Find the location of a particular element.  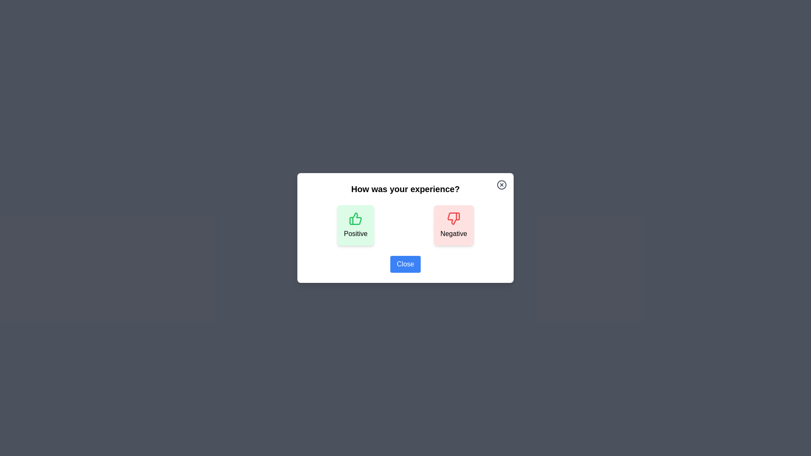

the 'Close' button to dismiss the dialog is located at coordinates (405, 263).